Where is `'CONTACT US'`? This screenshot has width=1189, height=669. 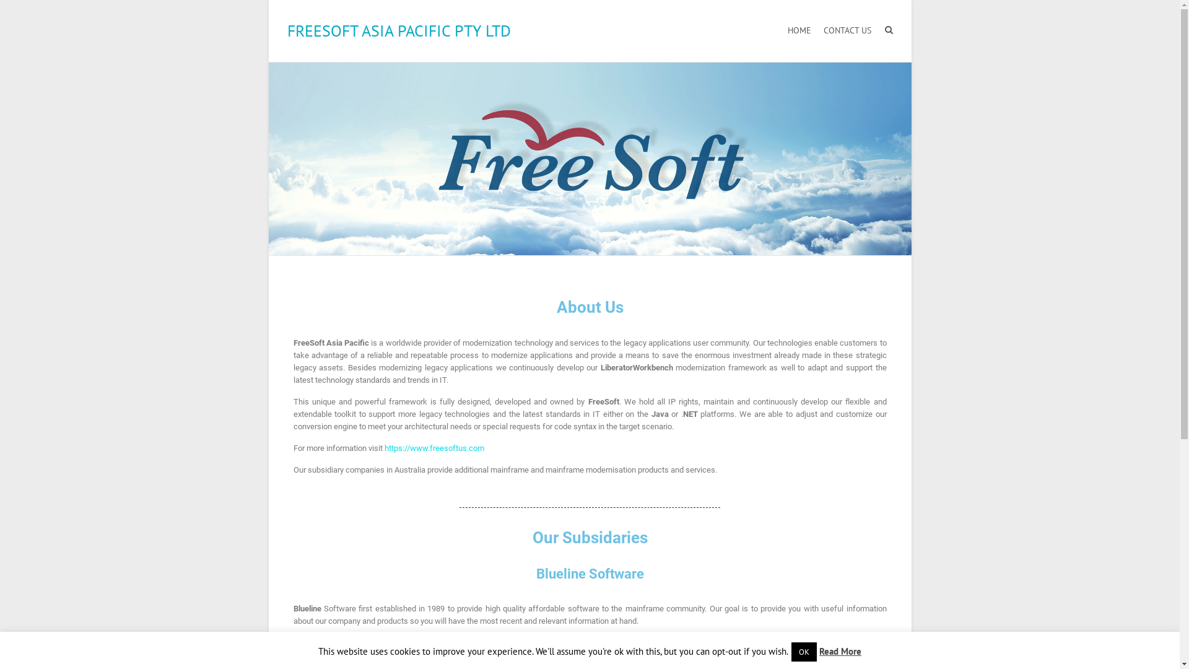
'CONTACT US' is located at coordinates (847, 30).